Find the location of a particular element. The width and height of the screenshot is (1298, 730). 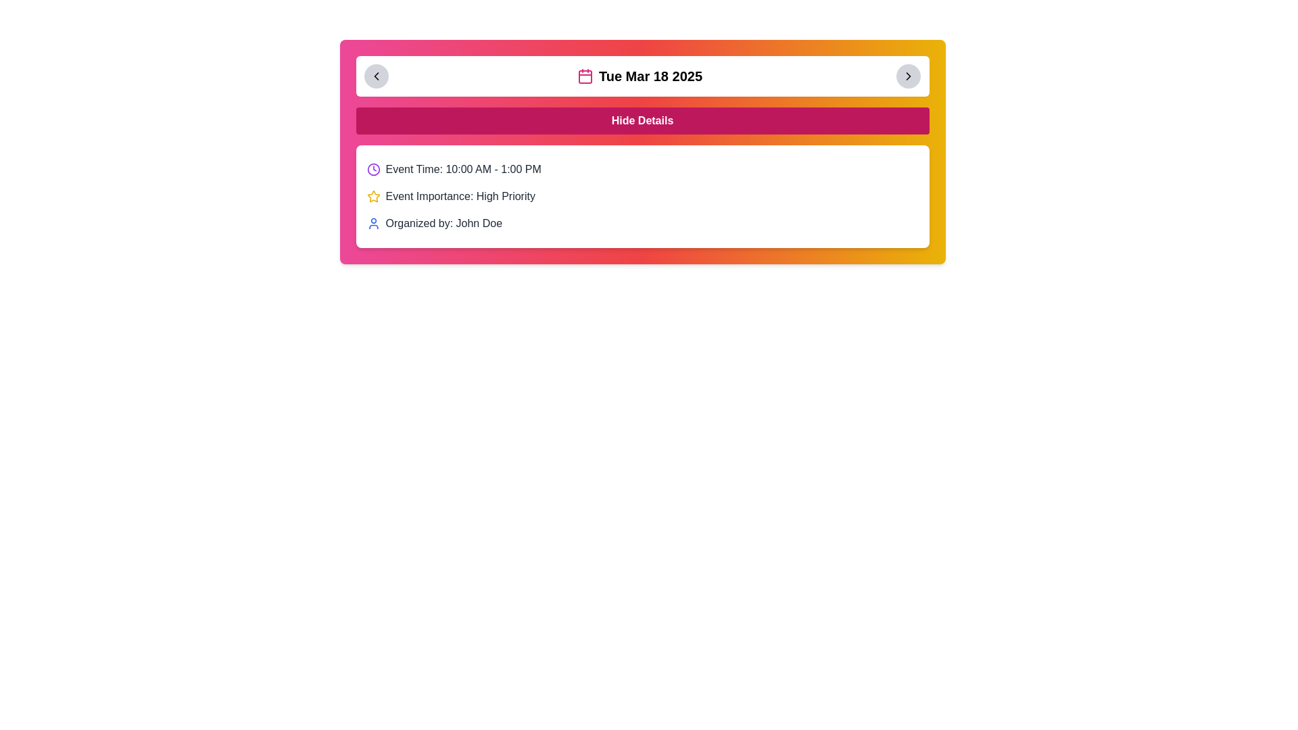

the 'High Priority' icon located next to the 'Event Importance: High Priority' text in the third row of the event card is located at coordinates (373, 196).